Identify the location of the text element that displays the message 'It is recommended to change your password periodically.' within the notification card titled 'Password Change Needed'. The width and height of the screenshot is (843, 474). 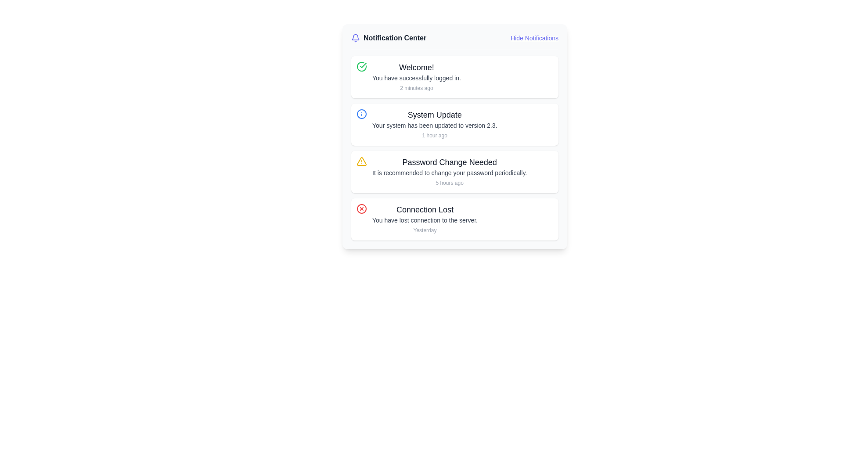
(450, 172).